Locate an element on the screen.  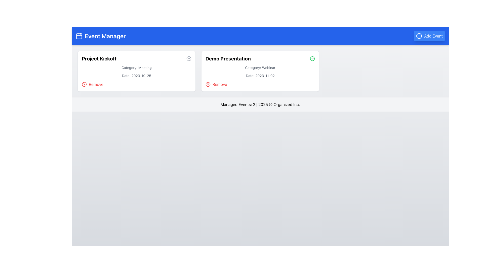
the remove button located at the bottom of the 'Demo Presentation' card is located at coordinates (216, 84).